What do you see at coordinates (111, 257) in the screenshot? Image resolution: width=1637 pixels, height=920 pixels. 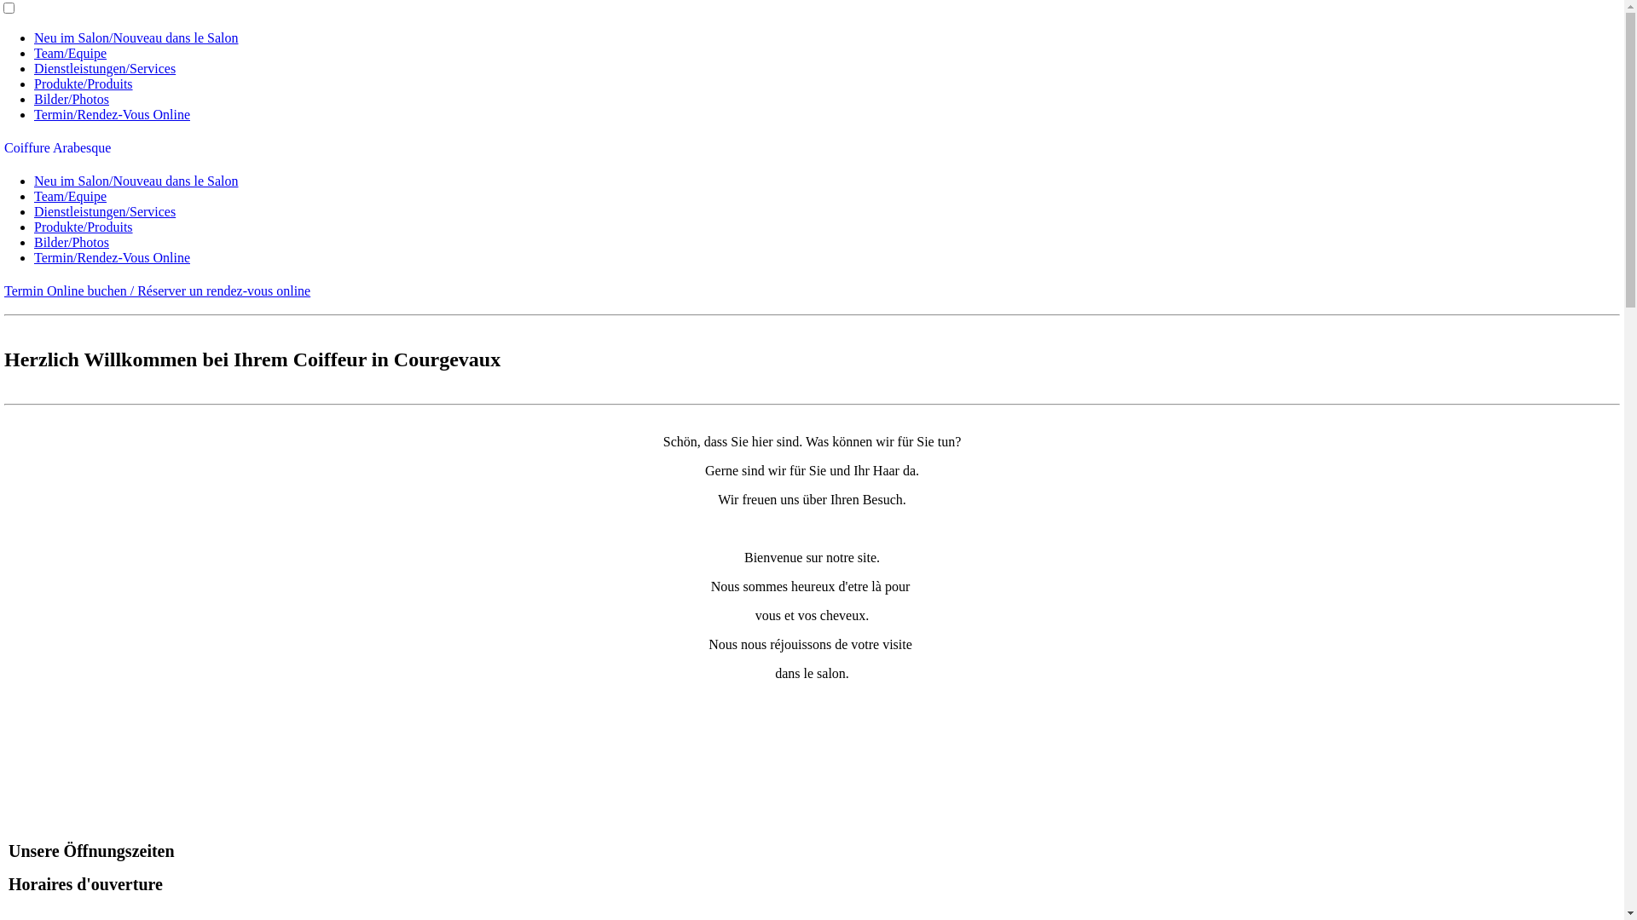 I see `'Termin/Rendez-Vous Online'` at bounding box center [111, 257].